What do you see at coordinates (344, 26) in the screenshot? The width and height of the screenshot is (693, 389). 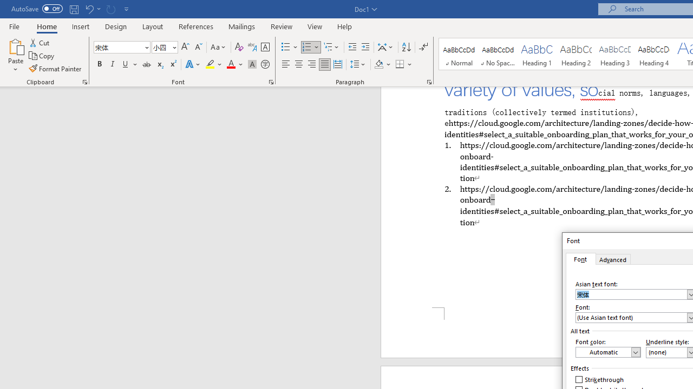 I see `'Help'` at bounding box center [344, 26].